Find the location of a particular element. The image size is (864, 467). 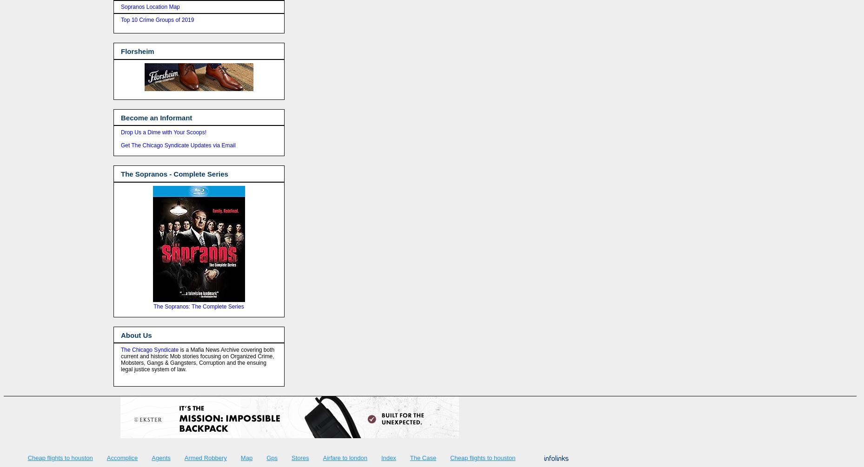

'Drop Us a Dime with Your Scoops!' is located at coordinates (164, 132).